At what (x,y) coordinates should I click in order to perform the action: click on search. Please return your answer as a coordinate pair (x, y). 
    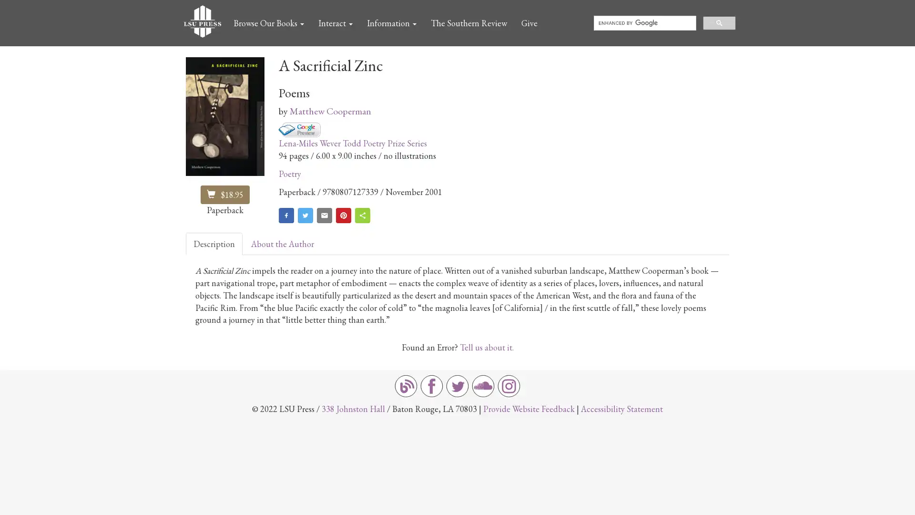
    Looking at the image, I should click on (719, 22).